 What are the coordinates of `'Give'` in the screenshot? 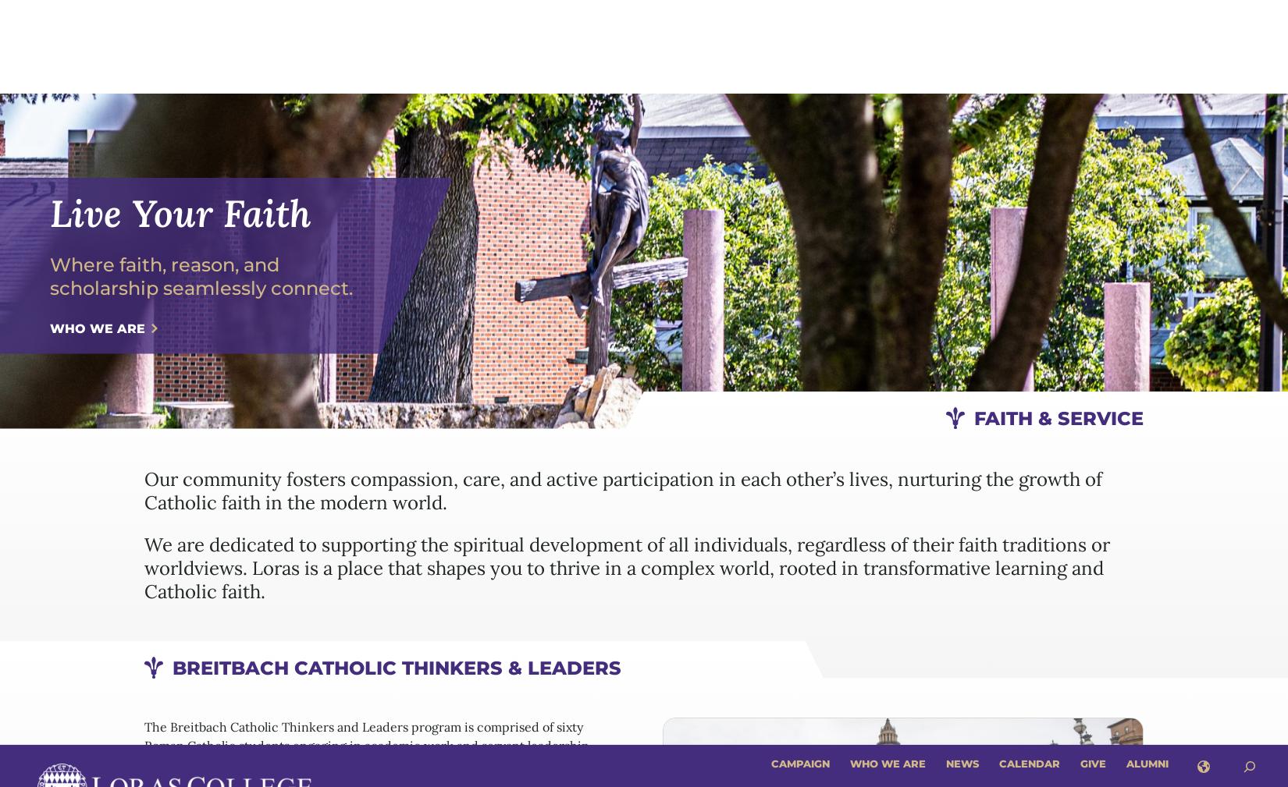 It's located at (1092, 18).